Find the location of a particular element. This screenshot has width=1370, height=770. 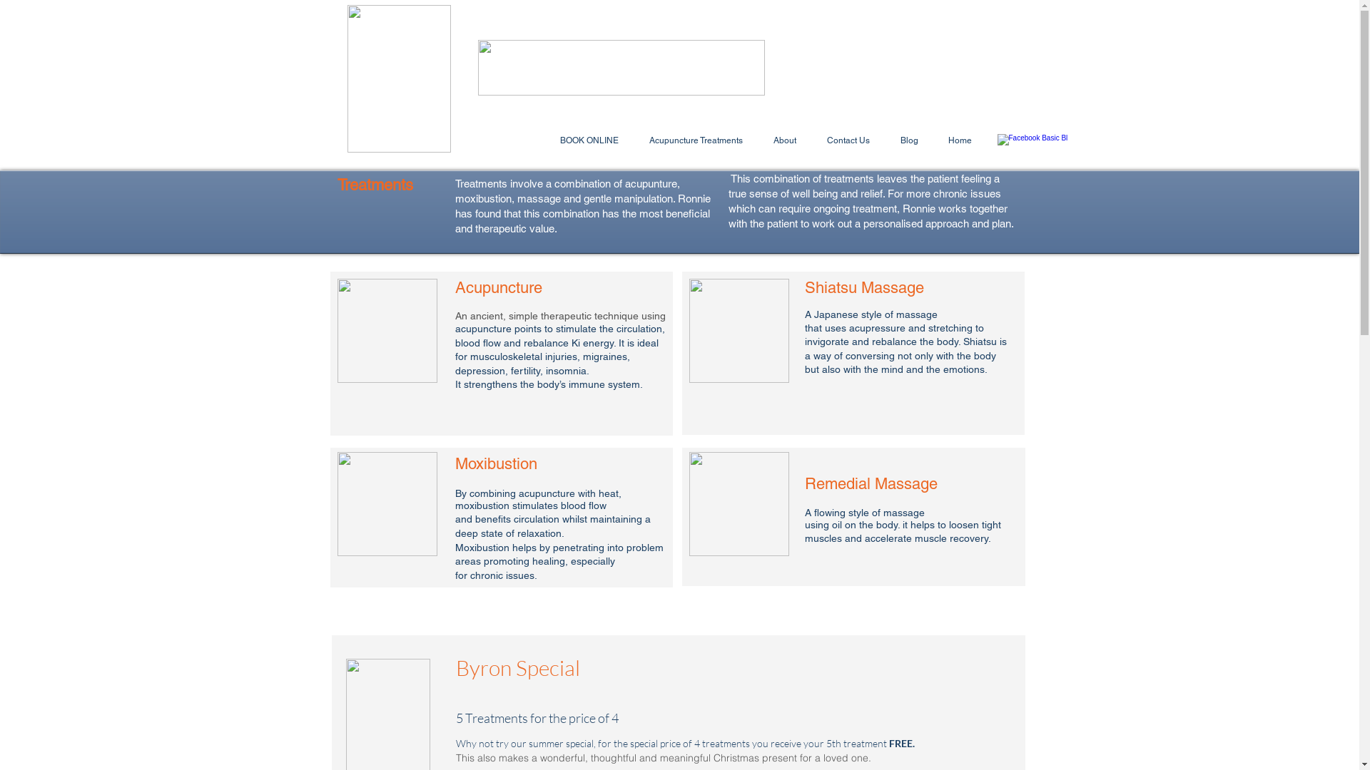

'Chinese Medicine Herbs' is located at coordinates (387, 503).